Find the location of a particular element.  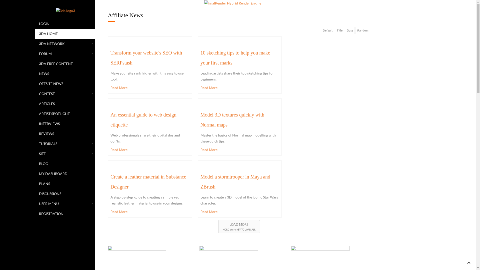

'FORUM' is located at coordinates (65, 54).